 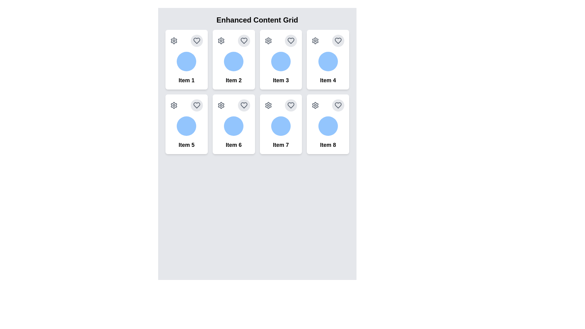 What do you see at coordinates (315, 41) in the screenshot?
I see `the gear icon located in the top-left corner of the card labeled 'Item 4' in the second row, fourth column of the grid` at bounding box center [315, 41].